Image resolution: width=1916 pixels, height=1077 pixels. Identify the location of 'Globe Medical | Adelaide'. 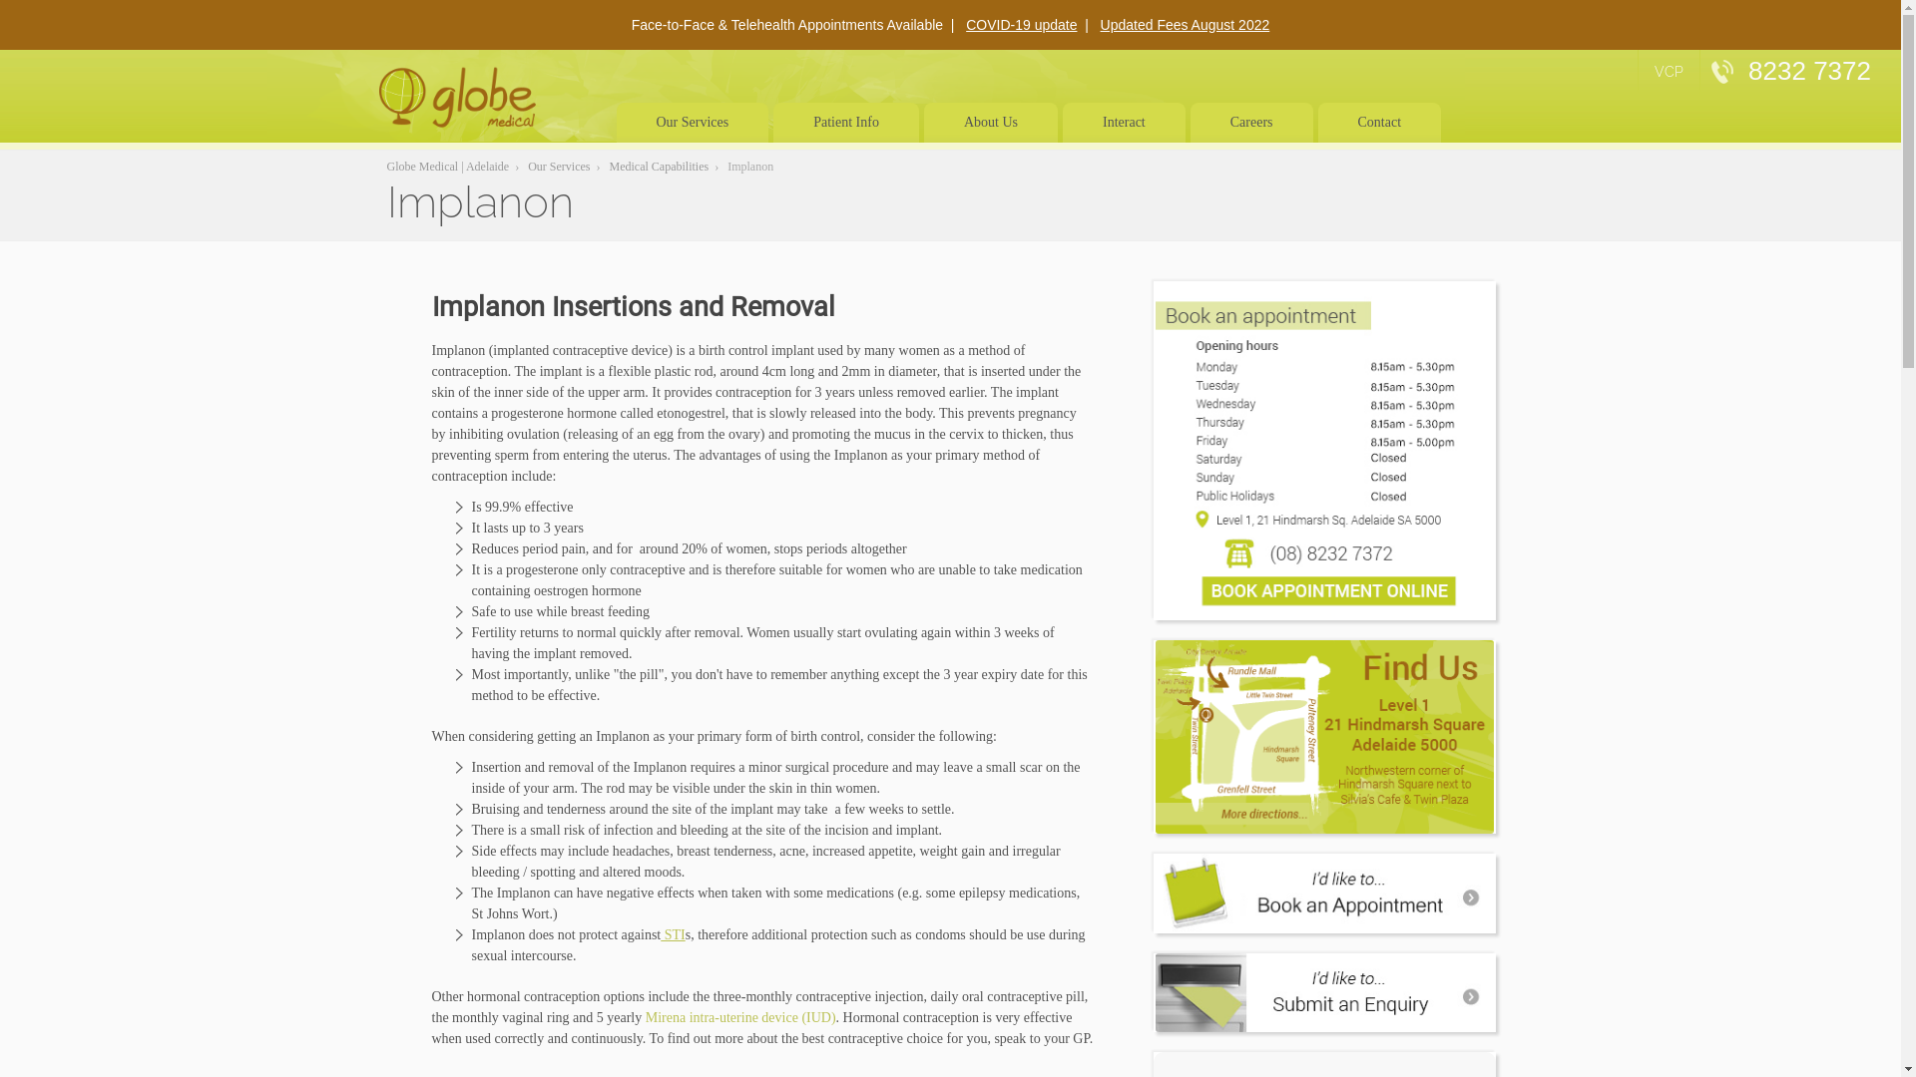
(447, 165).